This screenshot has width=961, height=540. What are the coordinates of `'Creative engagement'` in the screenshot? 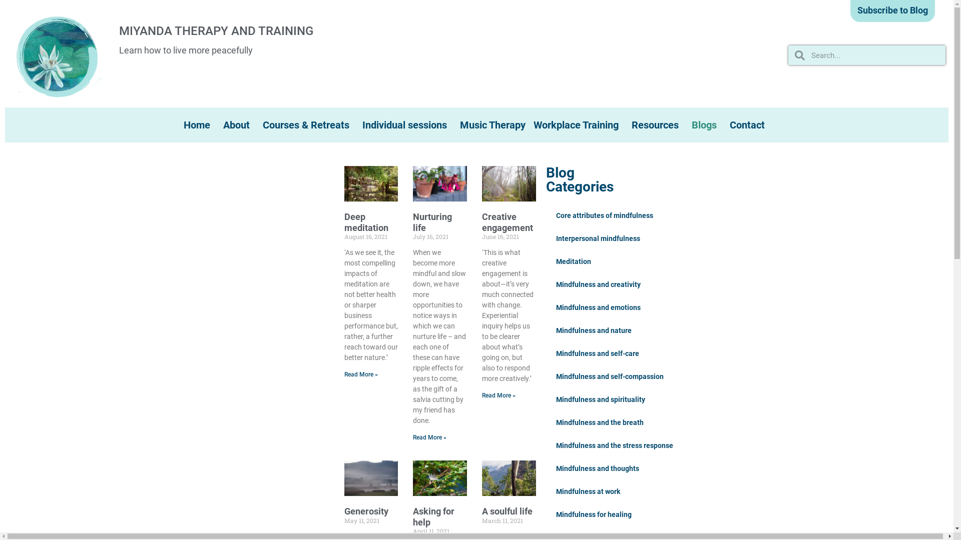 It's located at (507, 221).